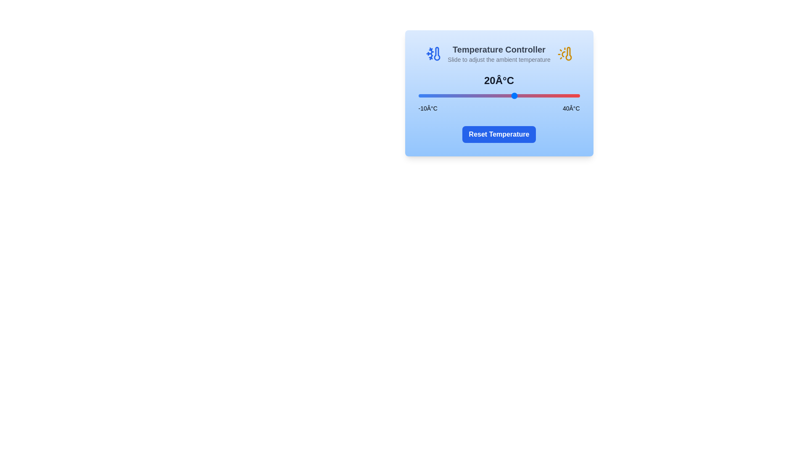 The height and width of the screenshot is (454, 807). What do you see at coordinates (433, 53) in the screenshot?
I see `the blue-colored thermometer icon with a snowflake design, located to the left of the 'Temperature Controller' heading` at bounding box center [433, 53].